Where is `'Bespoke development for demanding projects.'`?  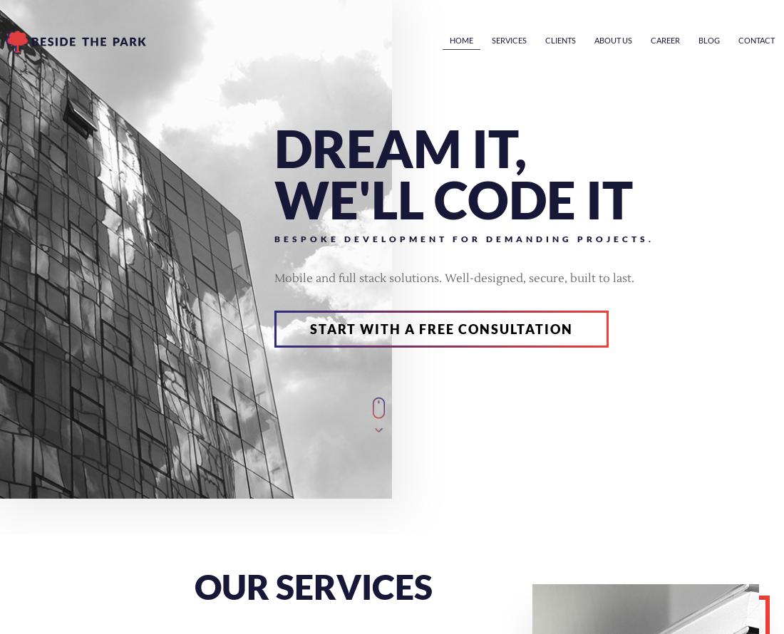 'Bespoke development for demanding projects.' is located at coordinates (464, 239).